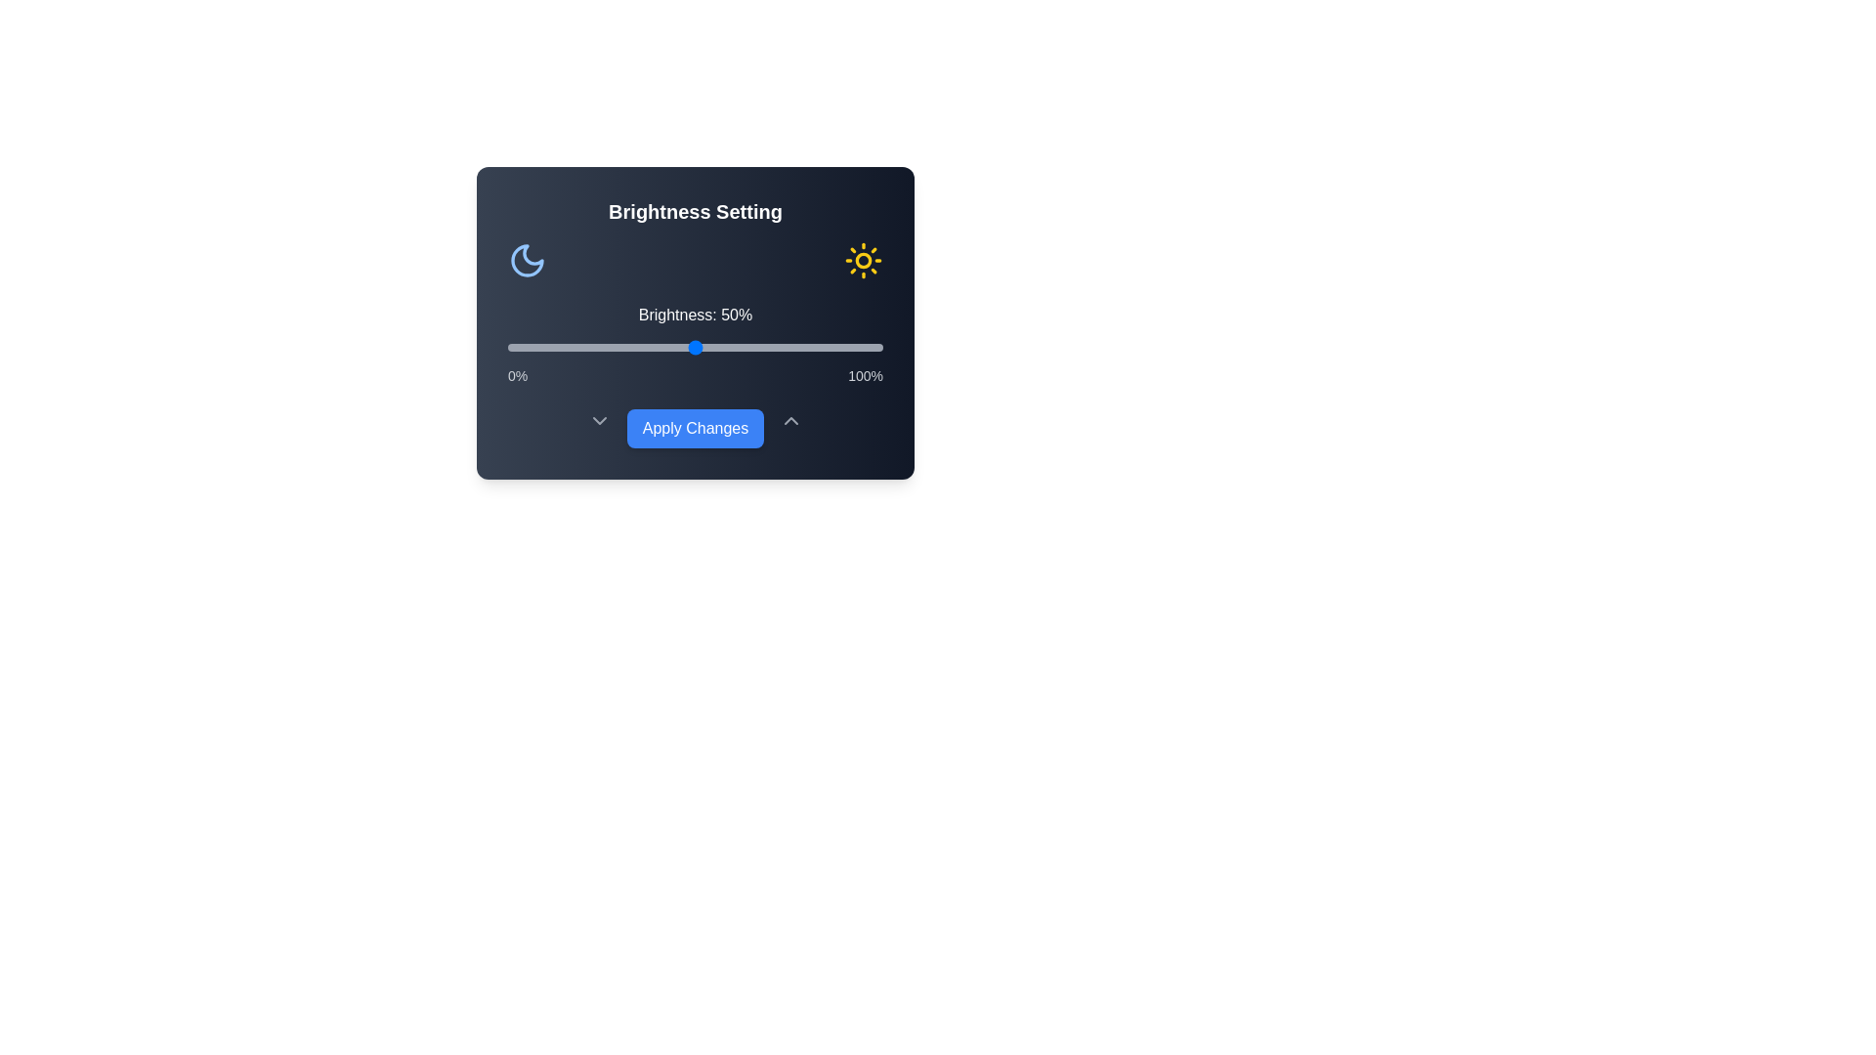 The width and height of the screenshot is (1876, 1055). I want to click on the 'Brightness Setting' text to highlight it, so click(695, 211).